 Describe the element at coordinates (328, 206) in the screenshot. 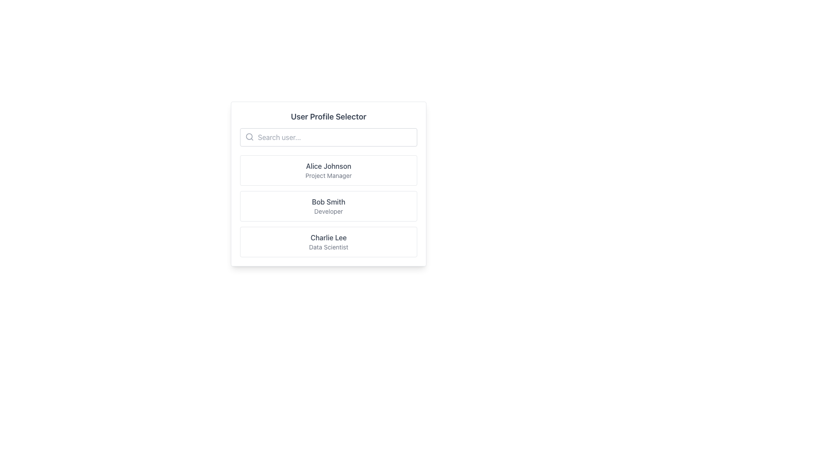

I see `to select the profile 'Bob Smith' from the second entry in the User Profile Selector list` at that location.